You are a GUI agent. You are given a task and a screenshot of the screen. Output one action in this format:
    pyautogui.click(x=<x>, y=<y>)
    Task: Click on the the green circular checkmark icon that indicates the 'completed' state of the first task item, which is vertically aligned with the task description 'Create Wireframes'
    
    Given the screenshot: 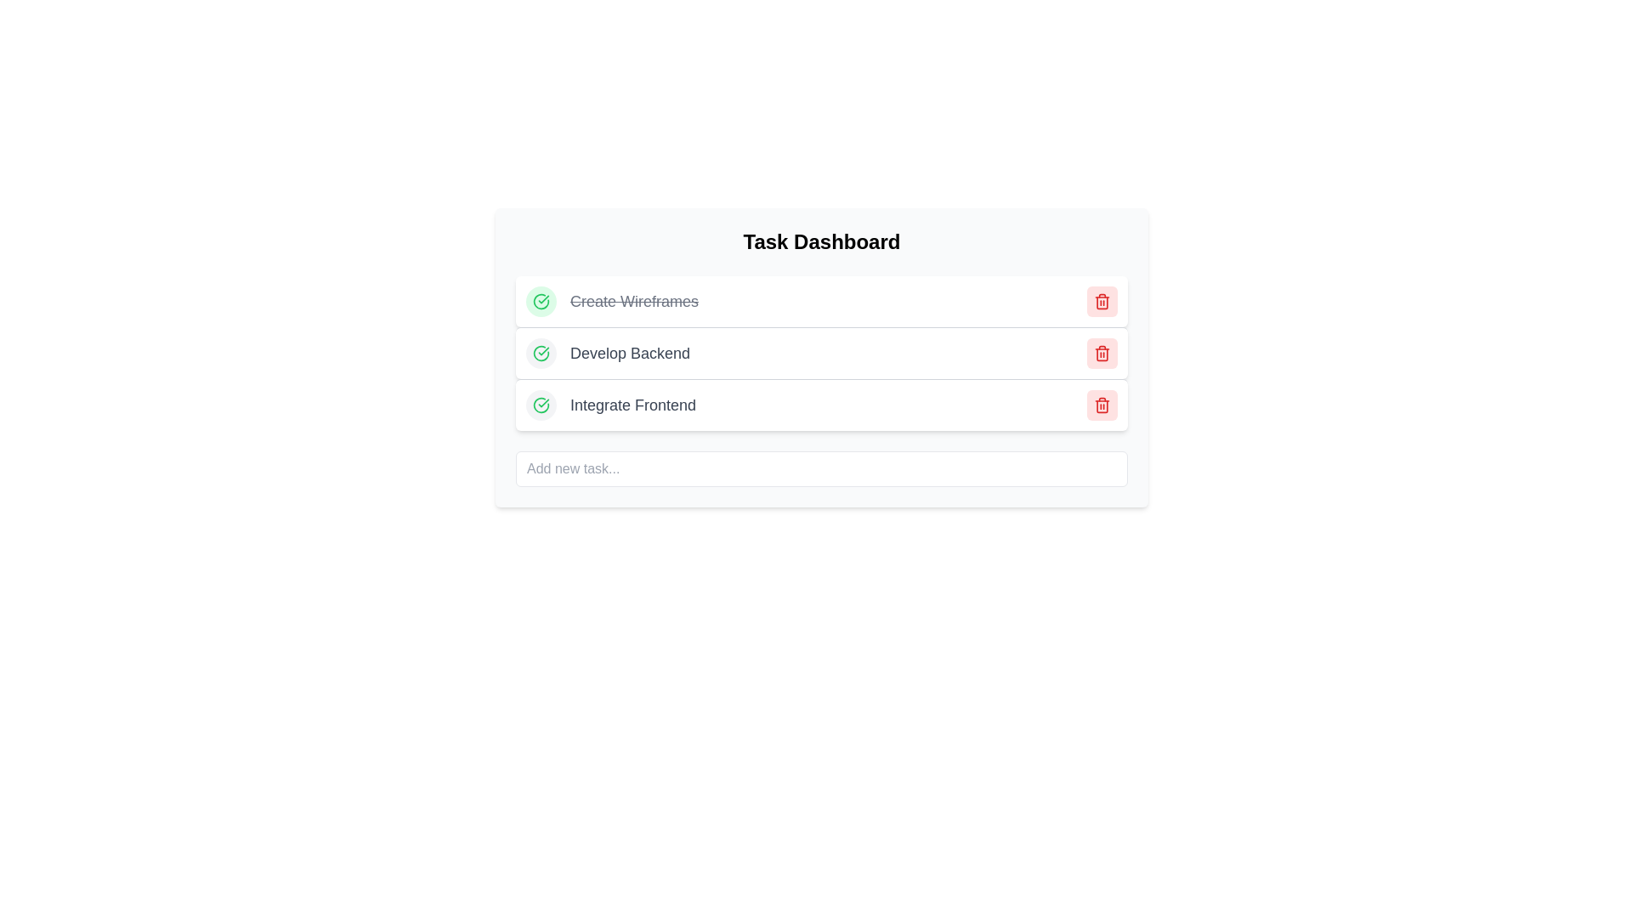 What is the action you would take?
    pyautogui.click(x=541, y=353)
    